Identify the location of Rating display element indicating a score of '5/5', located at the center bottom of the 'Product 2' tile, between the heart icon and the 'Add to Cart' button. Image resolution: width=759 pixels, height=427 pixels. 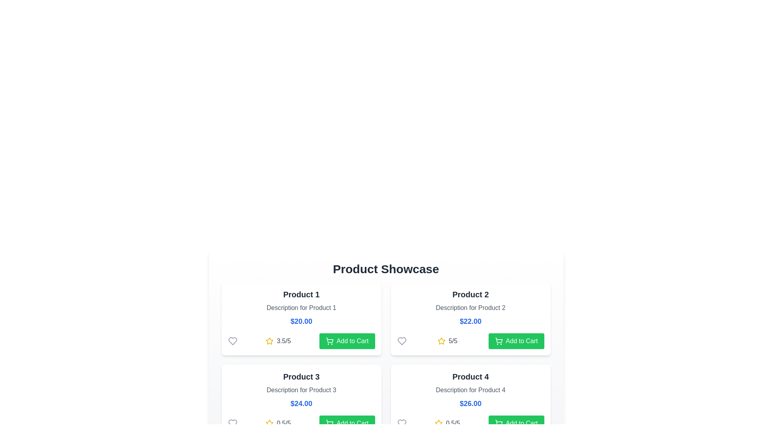
(470, 341).